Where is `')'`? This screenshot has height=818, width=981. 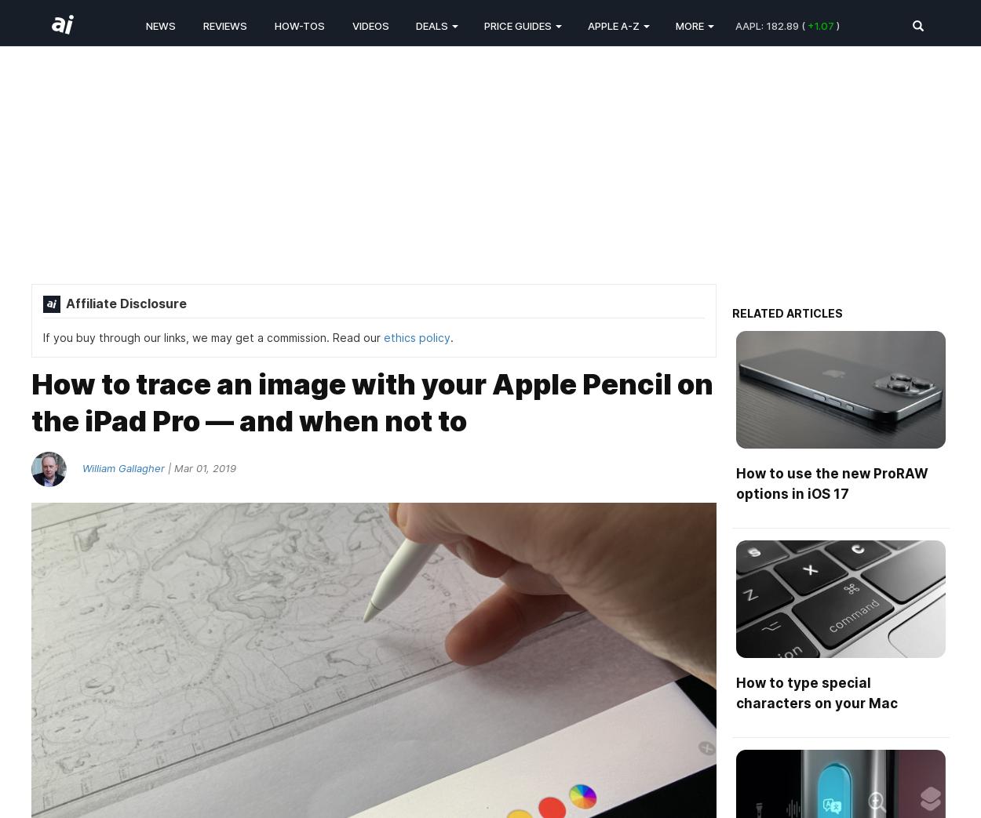 ')' is located at coordinates (836, 24).